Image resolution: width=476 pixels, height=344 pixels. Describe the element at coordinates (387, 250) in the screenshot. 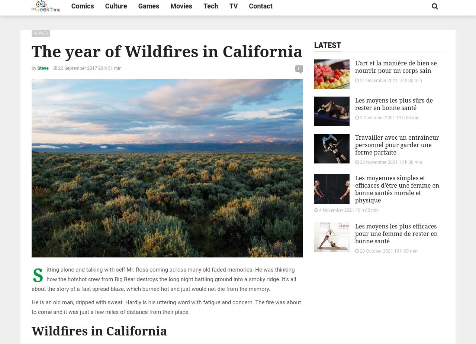

I see `'23 October 2021 10 h 00 min'` at that location.